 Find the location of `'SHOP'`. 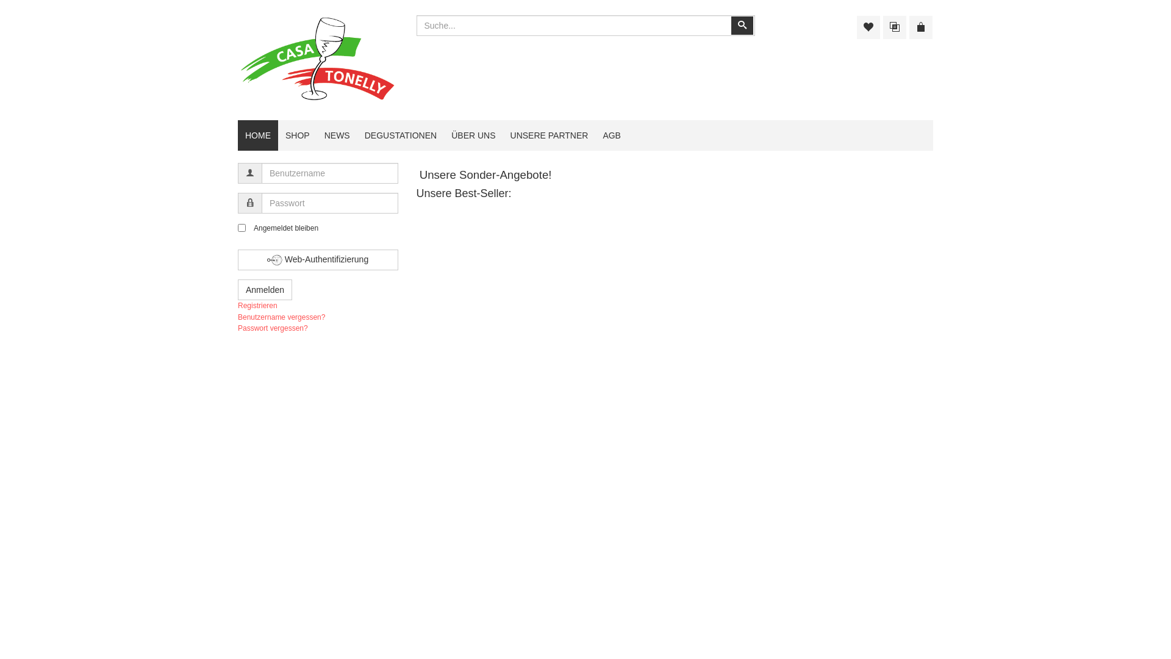

'SHOP' is located at coordinates (298, 135).